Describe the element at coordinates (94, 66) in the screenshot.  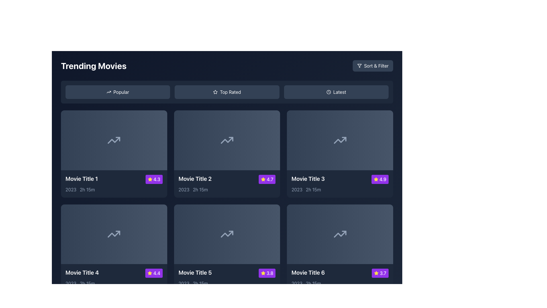
I see `title 'Trending Movies' displayed in large, bold, and white font located in the top-left section of the page interface within the header bar` at that location.